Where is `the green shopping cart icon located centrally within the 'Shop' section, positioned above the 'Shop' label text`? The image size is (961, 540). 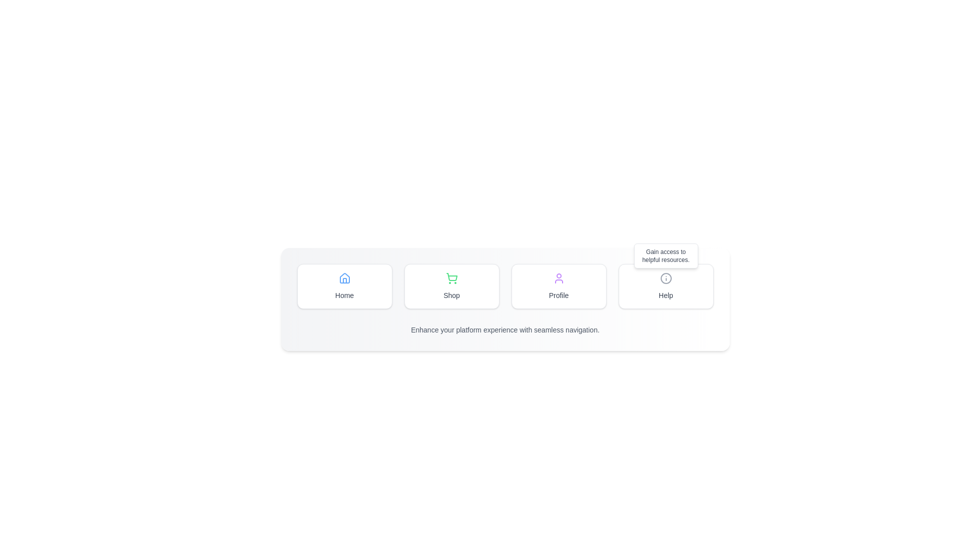
the green shopping cart icon located centrally within the 'Shop' section, positioned above the 'Shop' label text is located at coordinates (451, 278).